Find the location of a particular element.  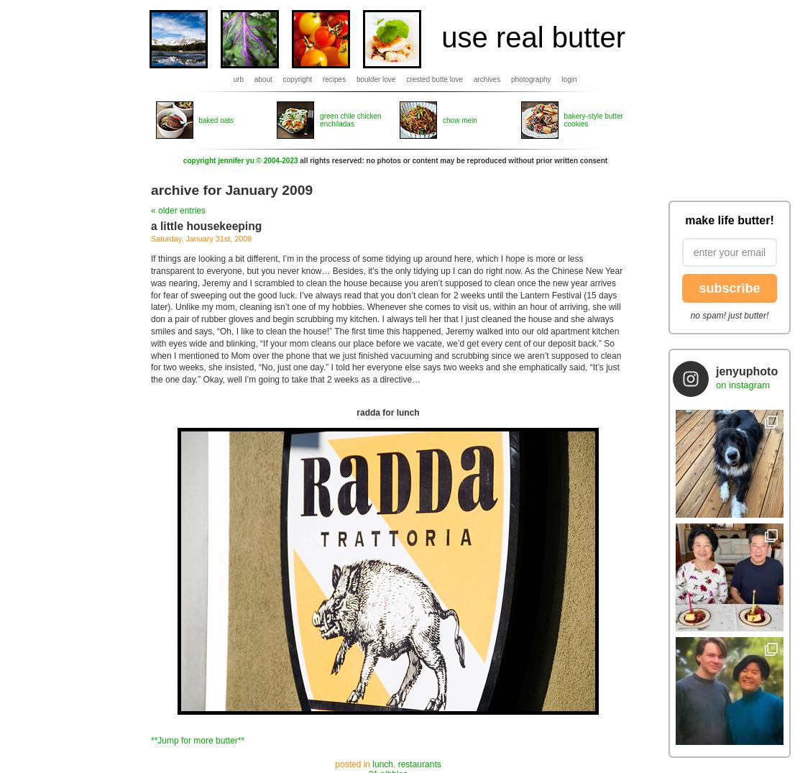

'restaurants' is located at coordinates (418, 764).